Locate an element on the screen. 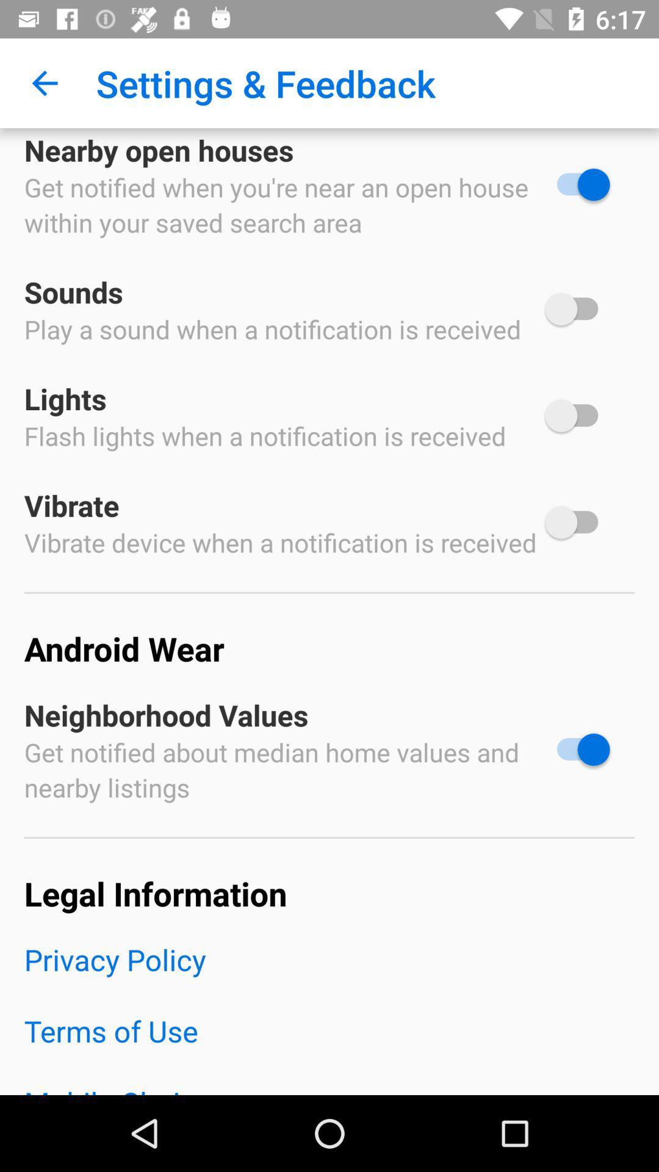 This screenshot has width=659, height=1172. toggles vibrate option is located at coordinates (577, 523).